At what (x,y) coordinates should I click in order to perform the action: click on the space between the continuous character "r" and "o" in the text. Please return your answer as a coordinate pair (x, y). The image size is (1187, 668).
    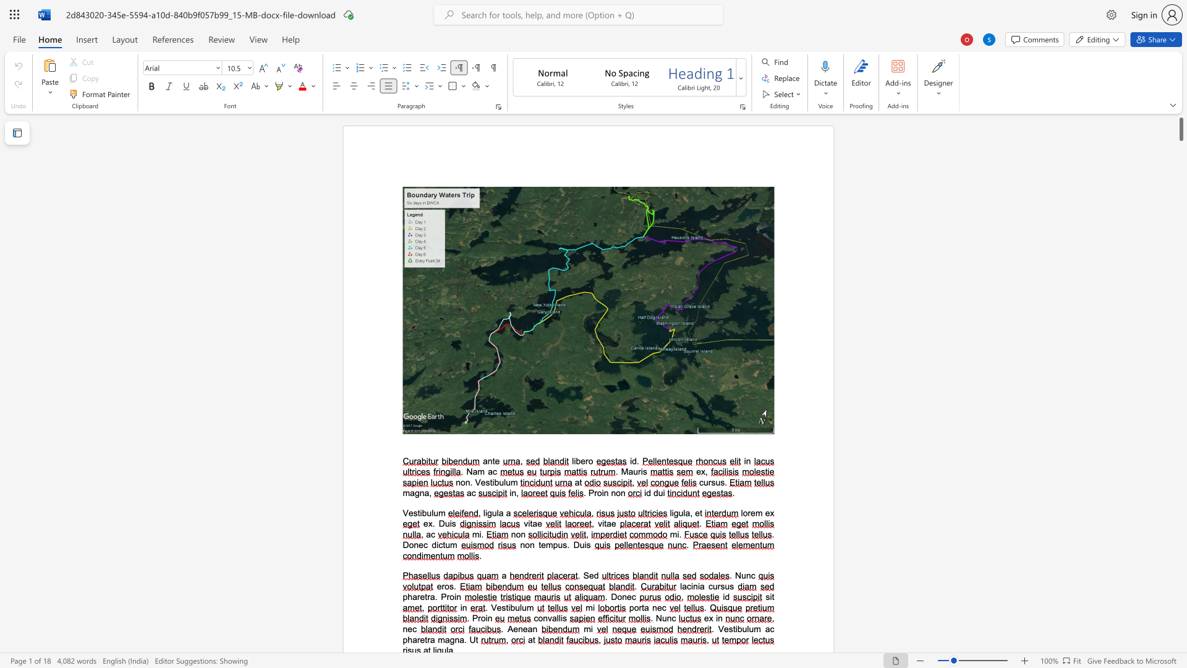
    Looking at the image, I should click on (597, 492).